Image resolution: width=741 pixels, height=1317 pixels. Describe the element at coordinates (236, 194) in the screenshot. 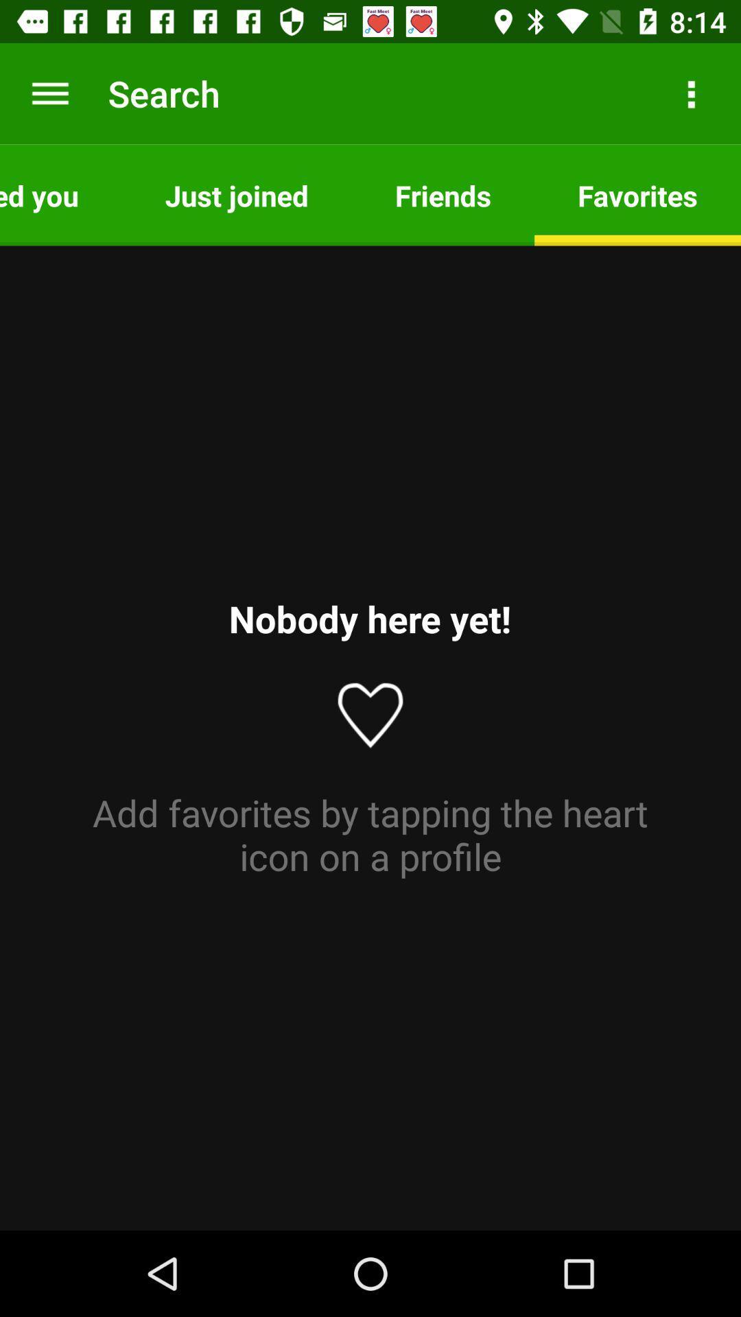

I see `the app next to the friends` at that location.